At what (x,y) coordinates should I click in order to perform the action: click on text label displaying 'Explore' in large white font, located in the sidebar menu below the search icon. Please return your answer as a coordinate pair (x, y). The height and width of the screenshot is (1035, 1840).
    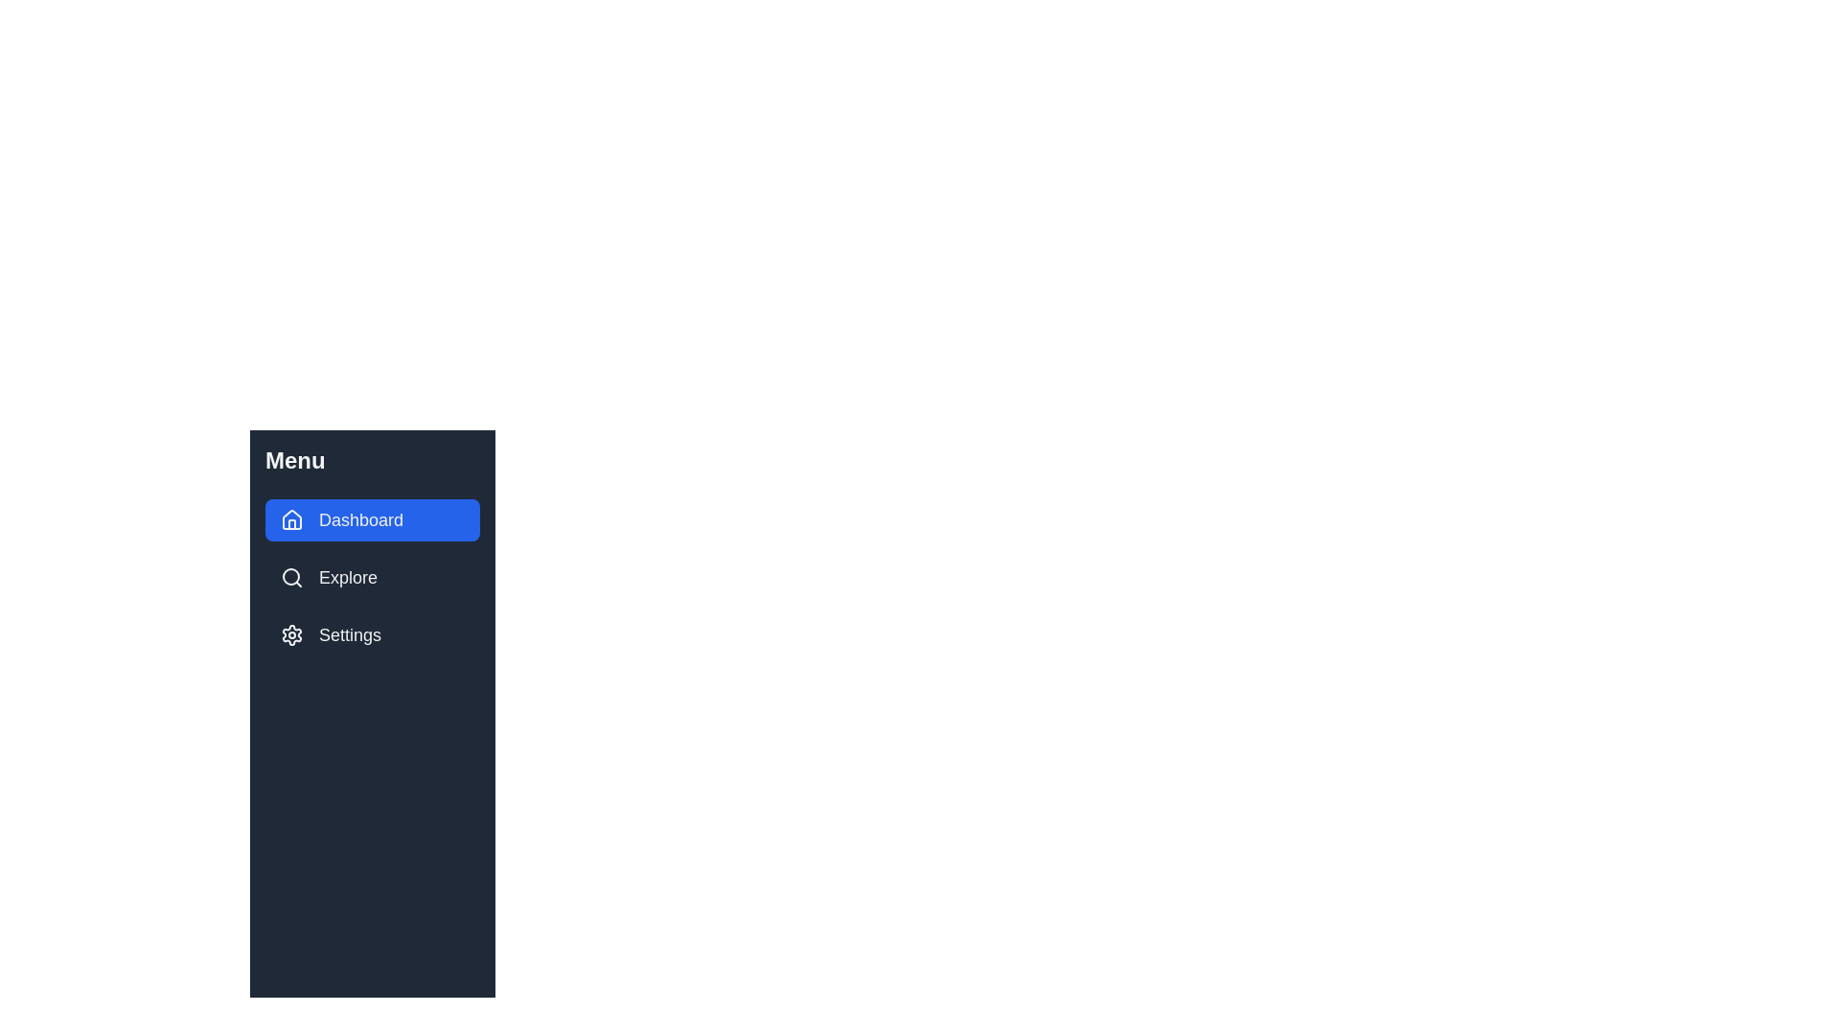
    Looking at the image, I should click on (348, 576).